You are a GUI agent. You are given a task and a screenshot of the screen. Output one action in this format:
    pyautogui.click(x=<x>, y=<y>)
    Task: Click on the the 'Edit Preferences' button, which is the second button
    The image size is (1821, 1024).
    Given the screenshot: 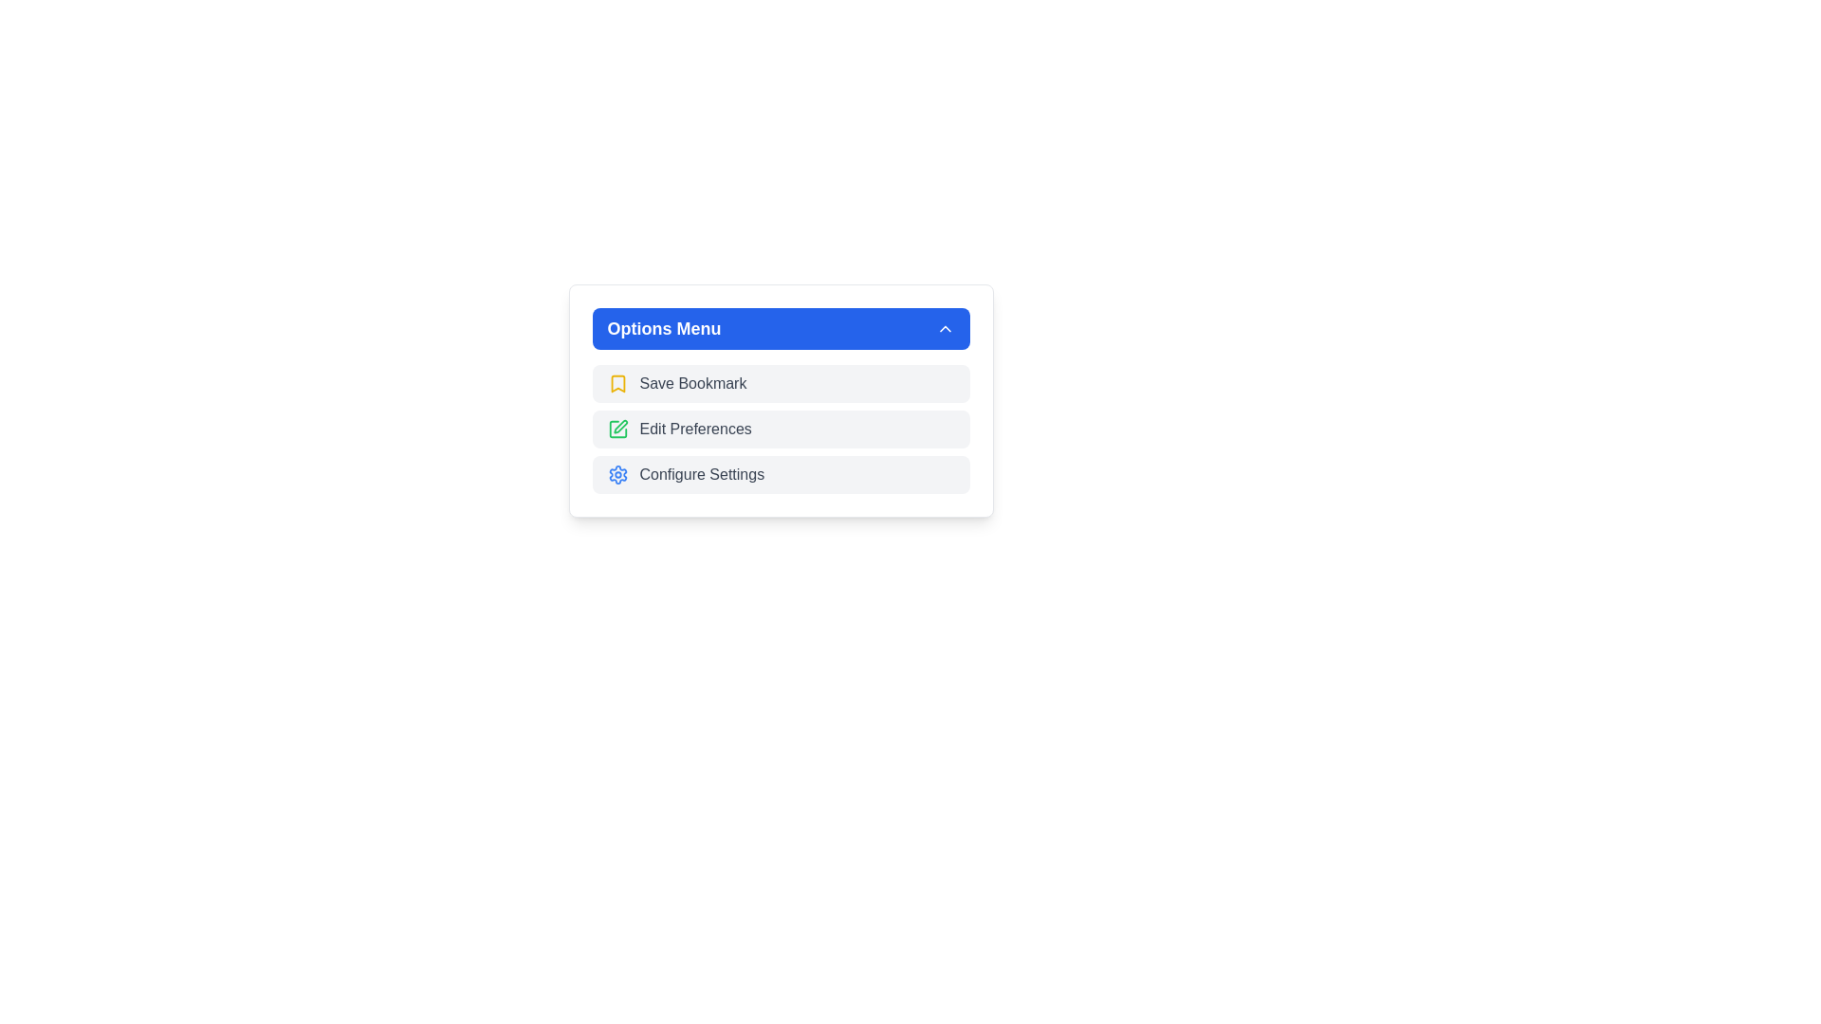 What is the action you would take?
    pyautogui.click(x=781, y=429)
    